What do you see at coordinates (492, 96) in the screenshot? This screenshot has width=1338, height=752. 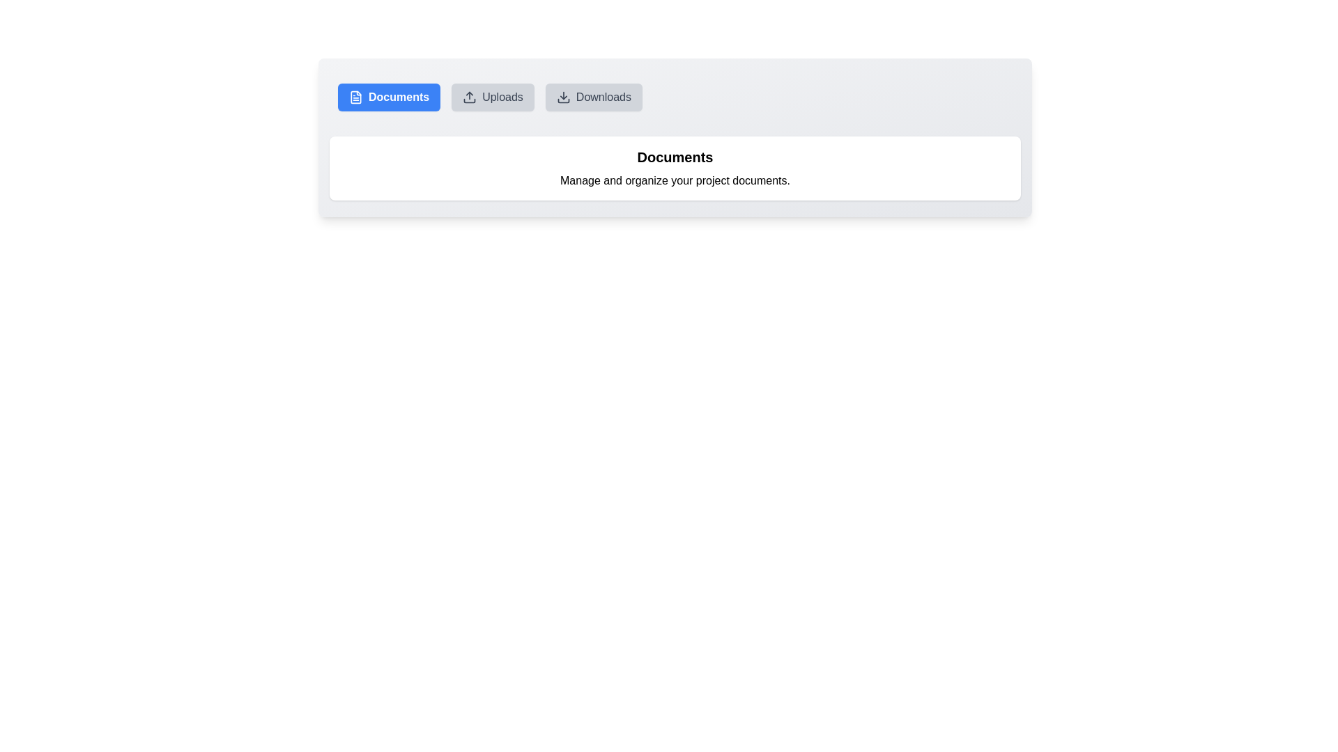 I see `the Uploads button to change the active section` at bounding box center [492, 96].